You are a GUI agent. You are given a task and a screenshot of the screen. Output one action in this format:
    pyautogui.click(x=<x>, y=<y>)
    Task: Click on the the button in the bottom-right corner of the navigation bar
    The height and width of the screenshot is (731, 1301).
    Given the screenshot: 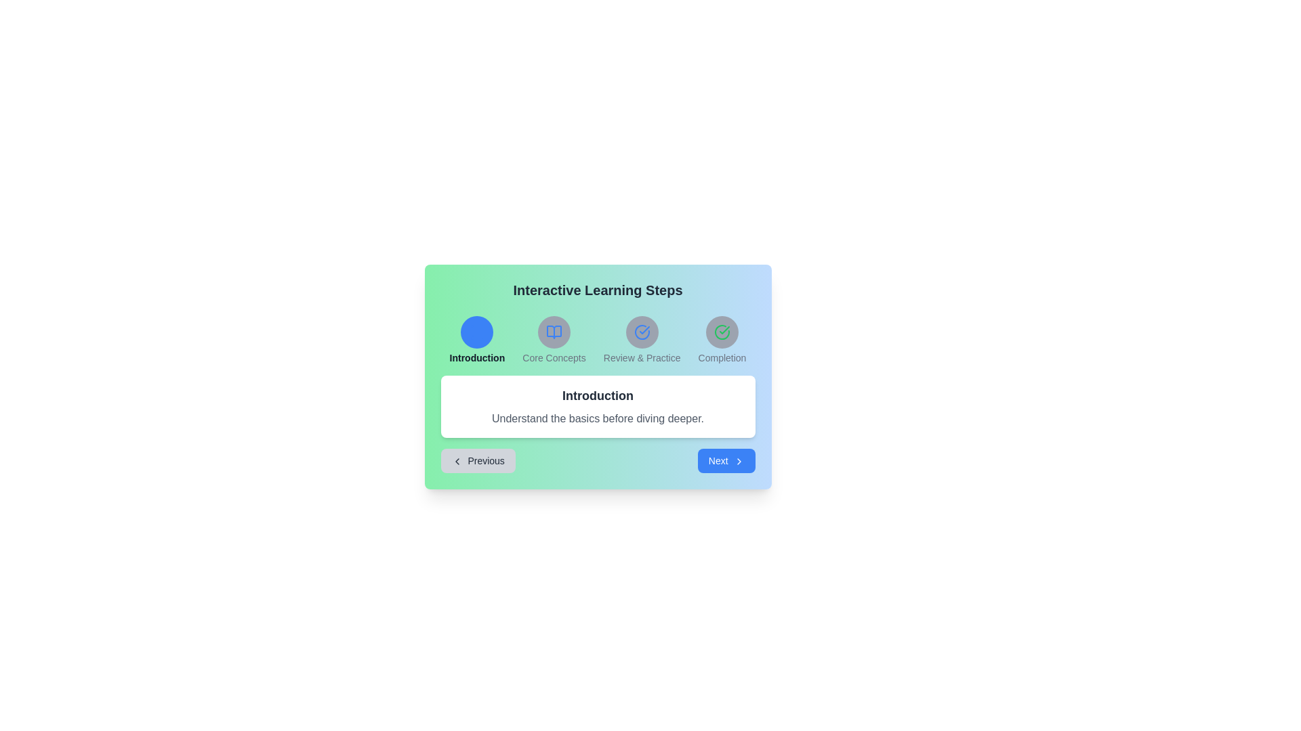 What is the action you would take?
    pyautogui.click(x=726, y=460)
    